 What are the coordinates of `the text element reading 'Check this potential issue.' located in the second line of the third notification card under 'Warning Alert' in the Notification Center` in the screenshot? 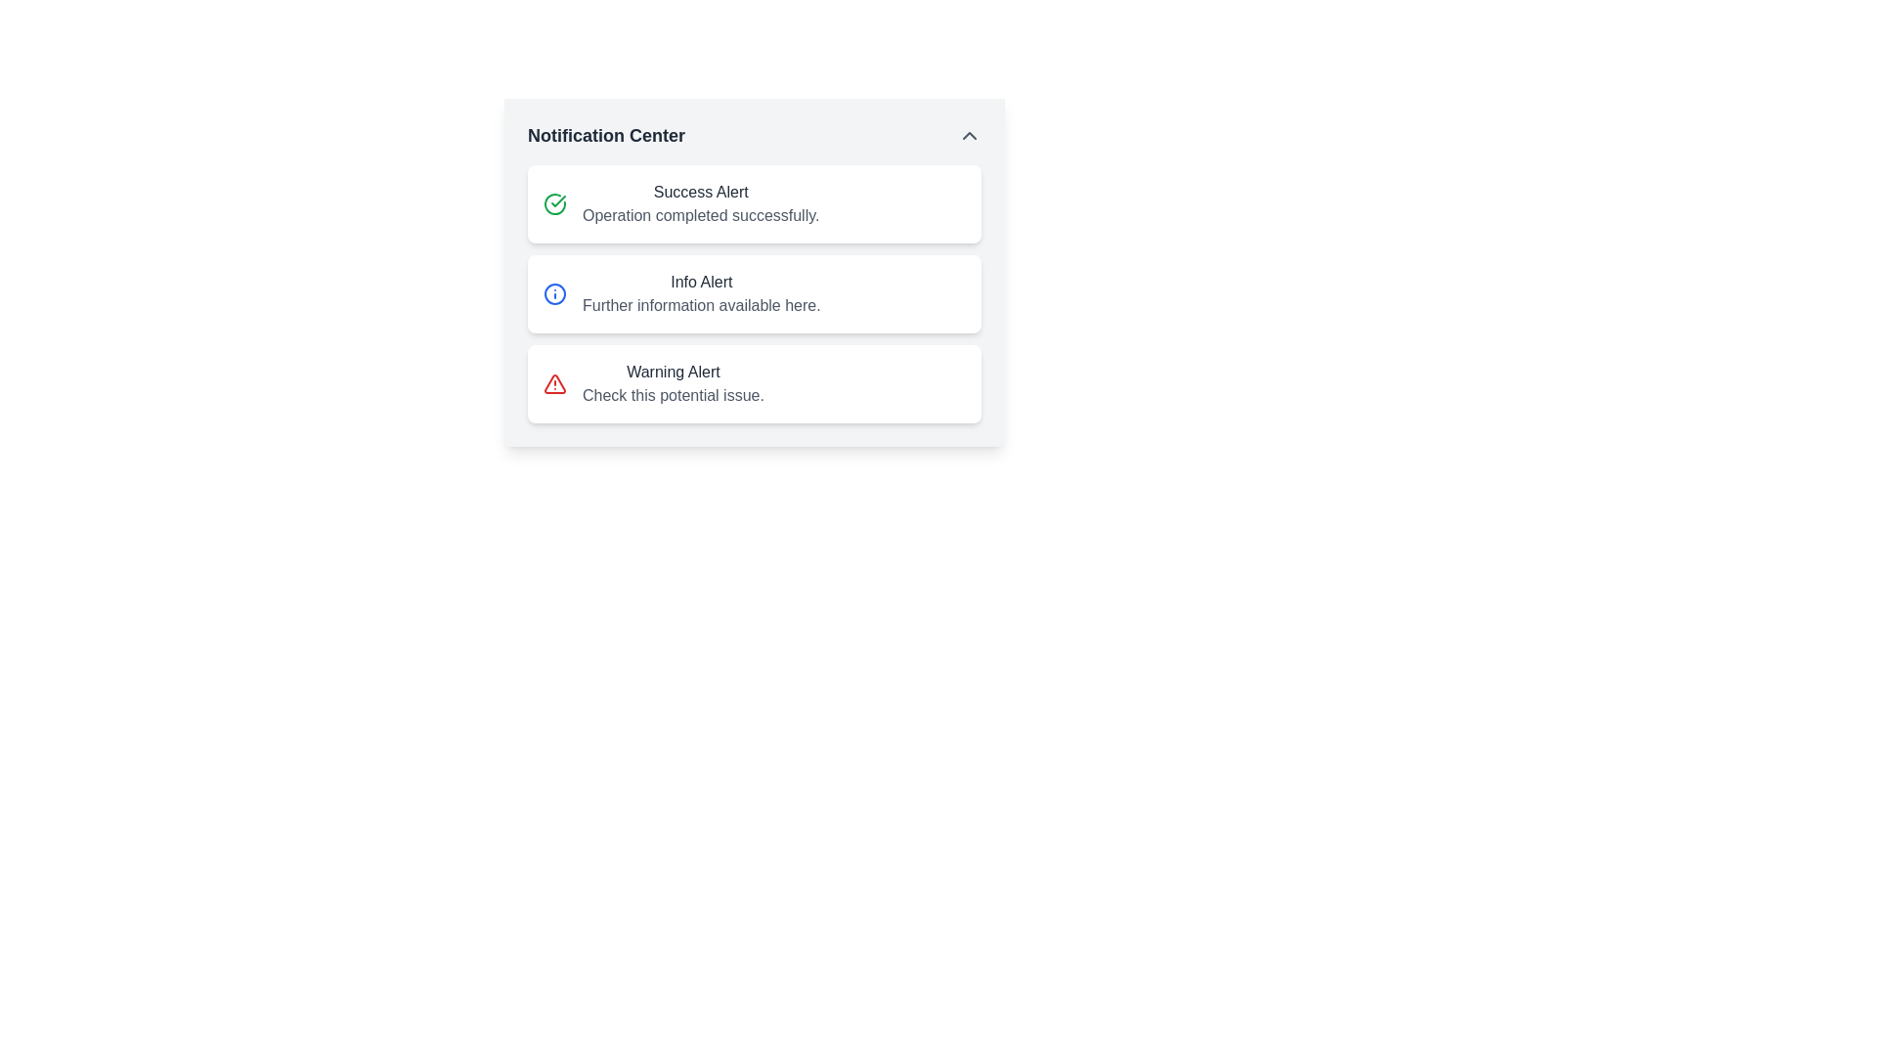 It's located at (673, 396).